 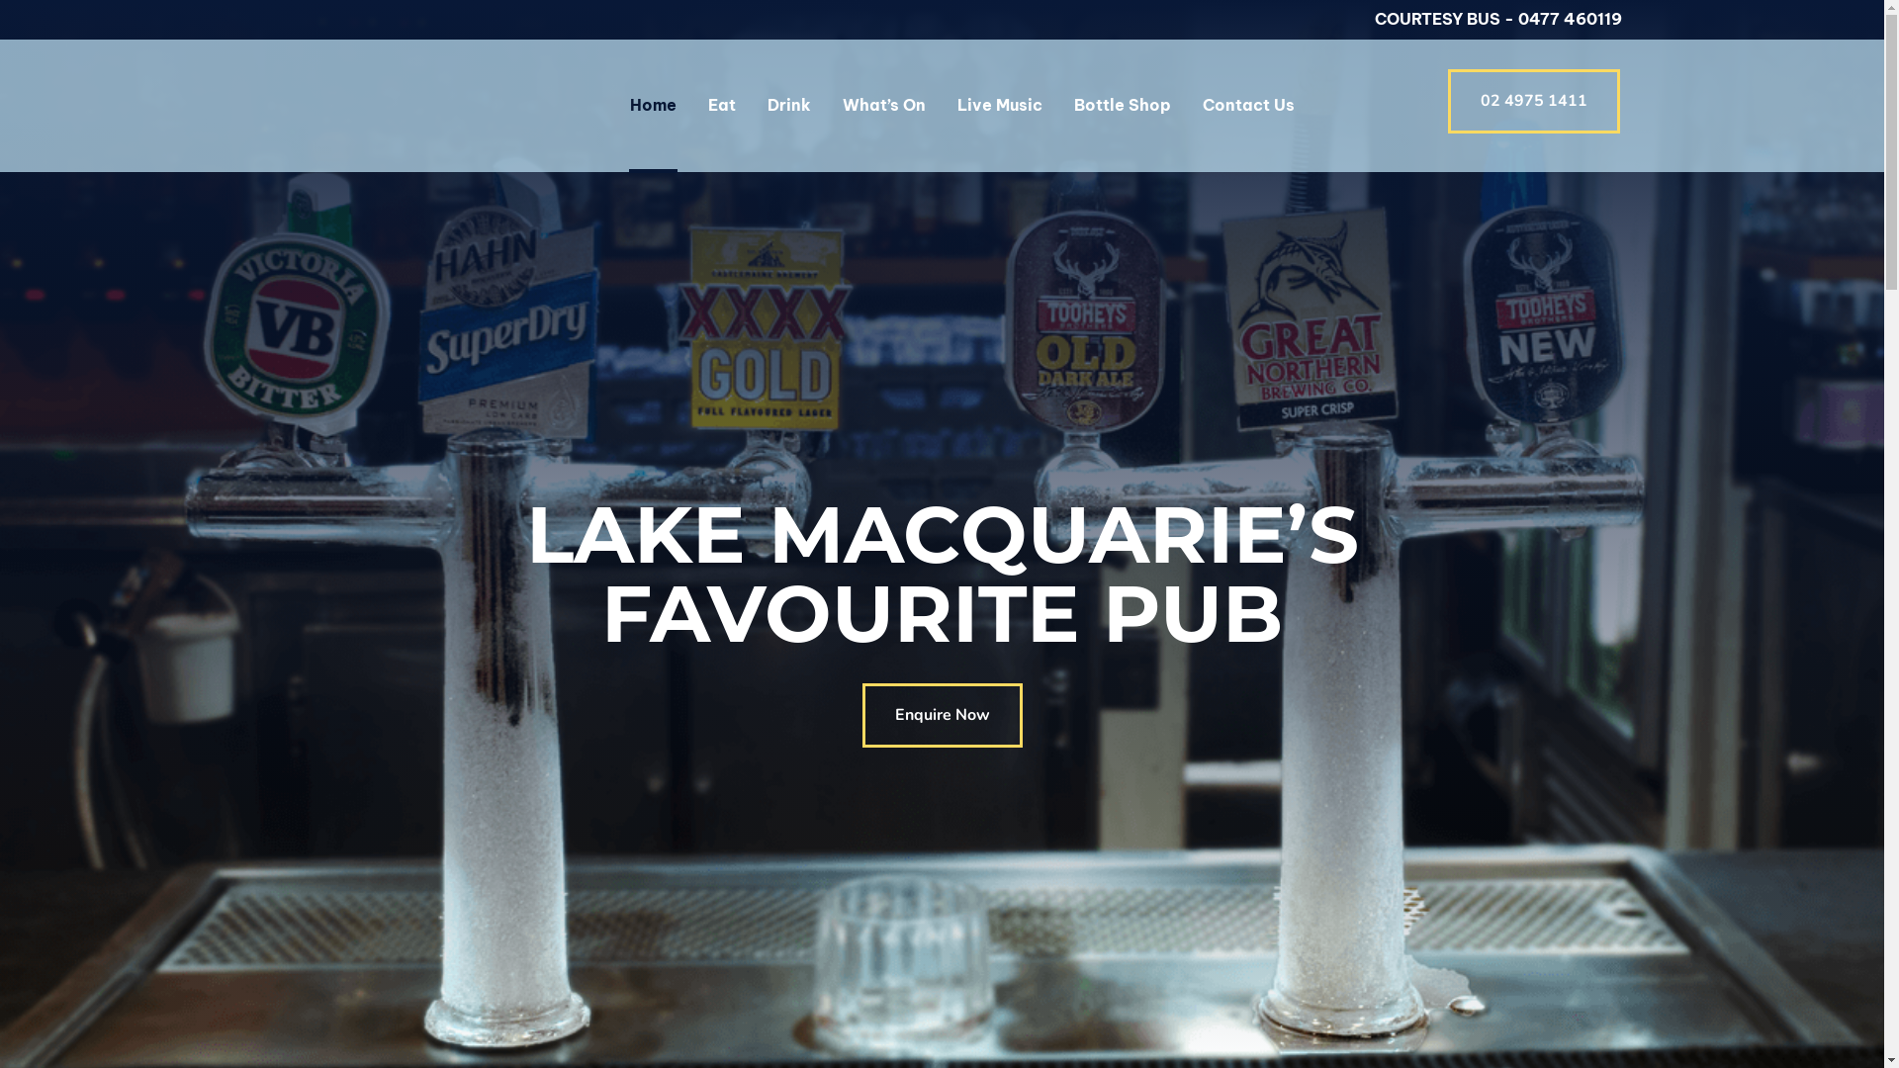 I want to click on 'Drink', so click(x=787, y=104).